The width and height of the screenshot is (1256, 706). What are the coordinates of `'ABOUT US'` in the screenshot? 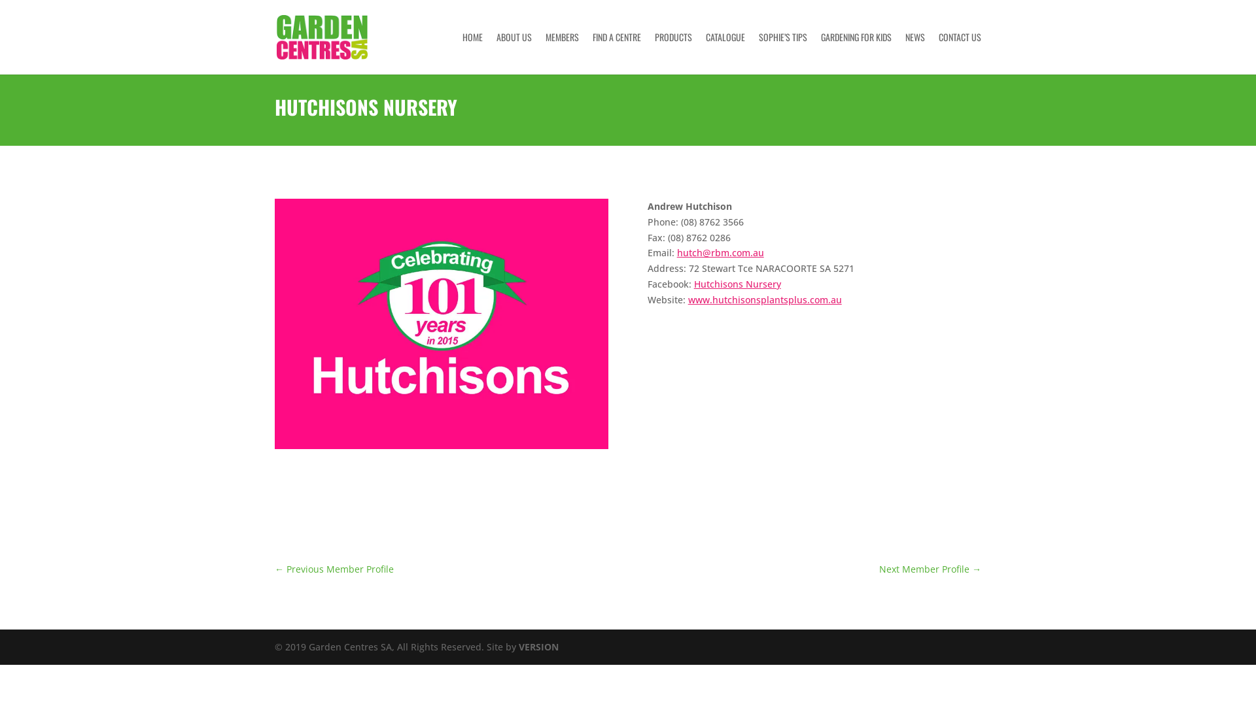 It's located at (514, 52).